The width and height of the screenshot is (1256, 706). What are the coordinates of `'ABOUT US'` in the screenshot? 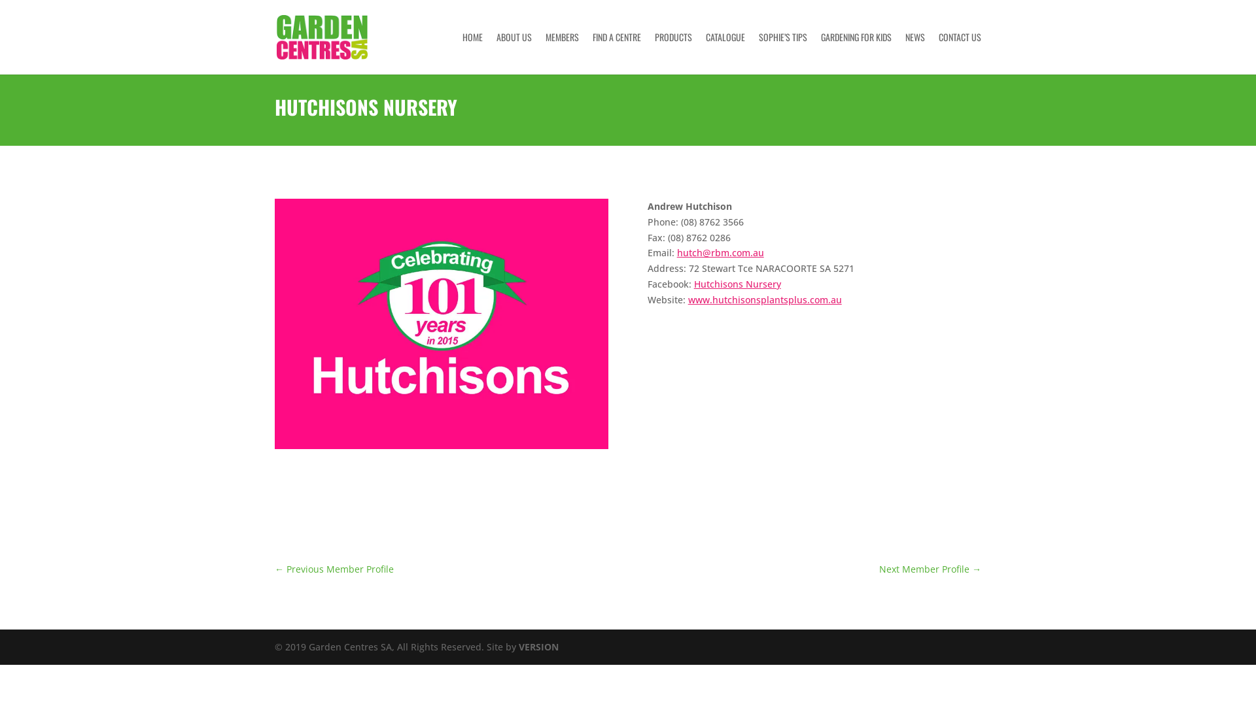 It's located at (514, 52).